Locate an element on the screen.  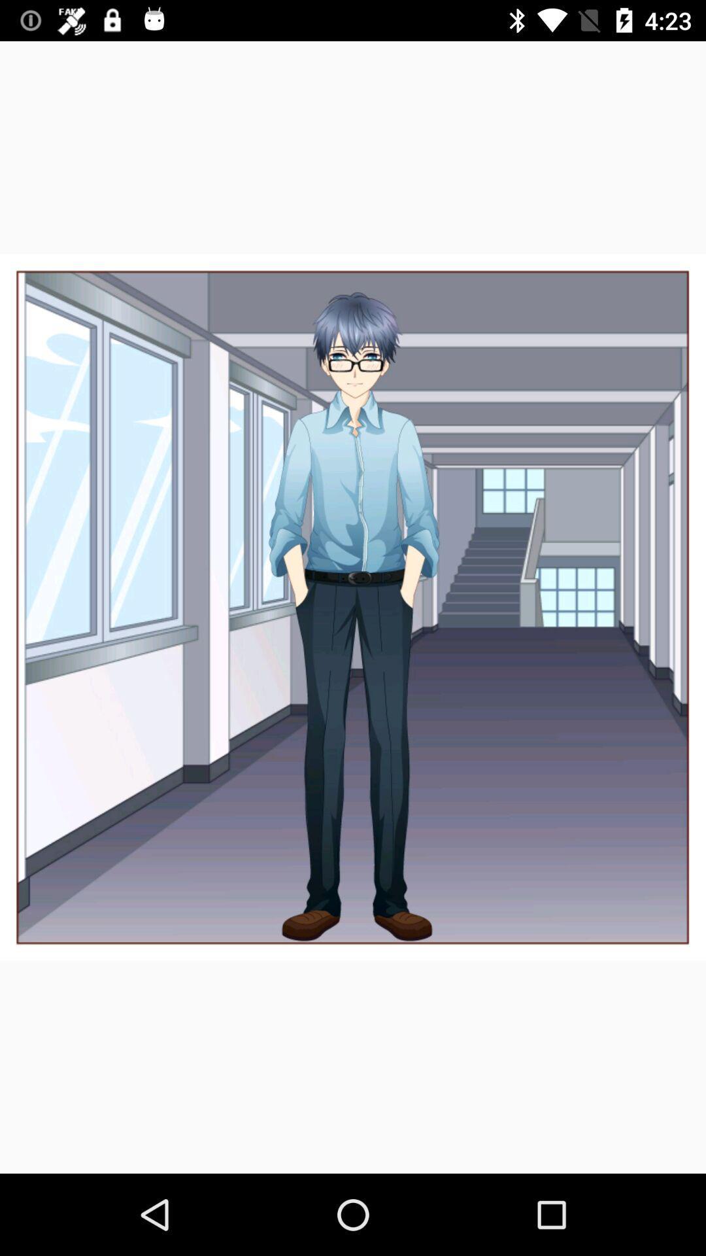
the item at the center is located at coordinates (353, 606).